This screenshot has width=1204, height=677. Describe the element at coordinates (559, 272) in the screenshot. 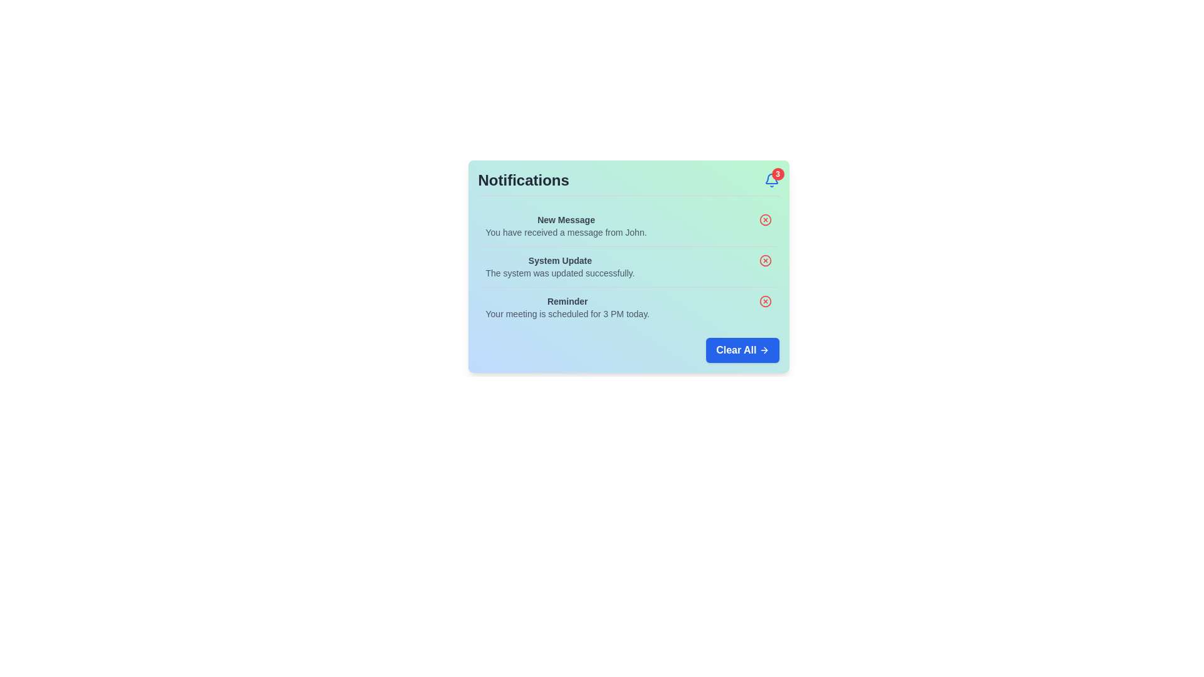

I see `notification message text under the title 'System Update', which provides information about a system update event` at that location.